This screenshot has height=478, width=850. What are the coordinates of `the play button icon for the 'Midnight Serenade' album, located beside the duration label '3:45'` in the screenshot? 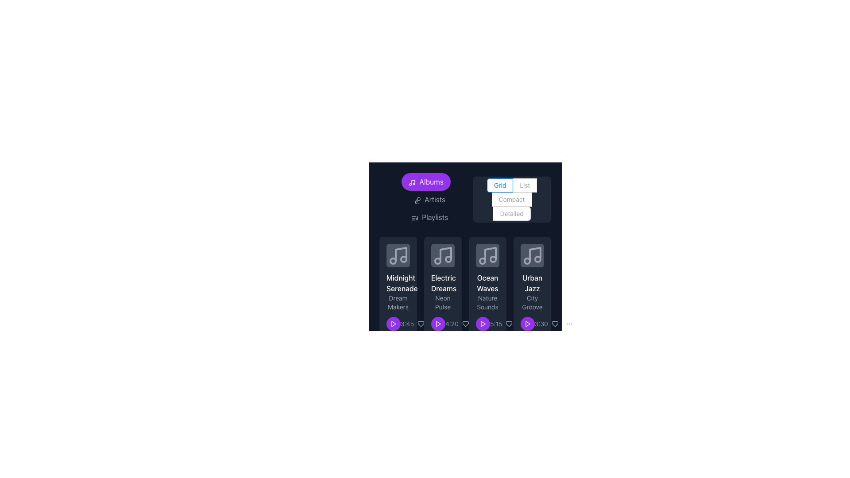 It's located at (393, 324).